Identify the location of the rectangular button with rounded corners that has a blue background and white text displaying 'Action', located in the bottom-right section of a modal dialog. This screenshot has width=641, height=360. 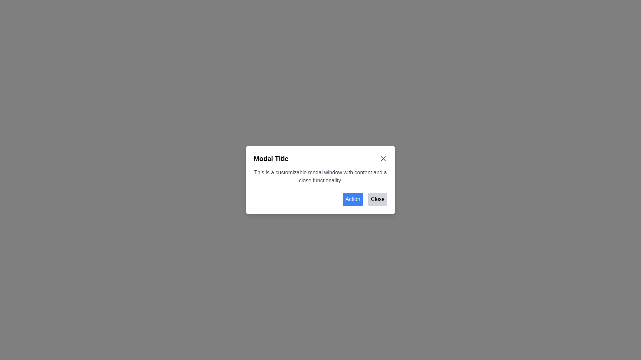
(352, 199).